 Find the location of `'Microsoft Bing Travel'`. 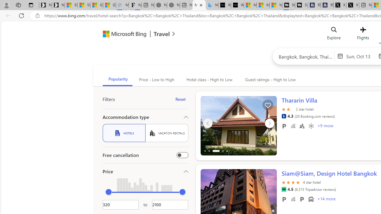

'Microsoft Bing Travel' is located at coordinates (132, 35).